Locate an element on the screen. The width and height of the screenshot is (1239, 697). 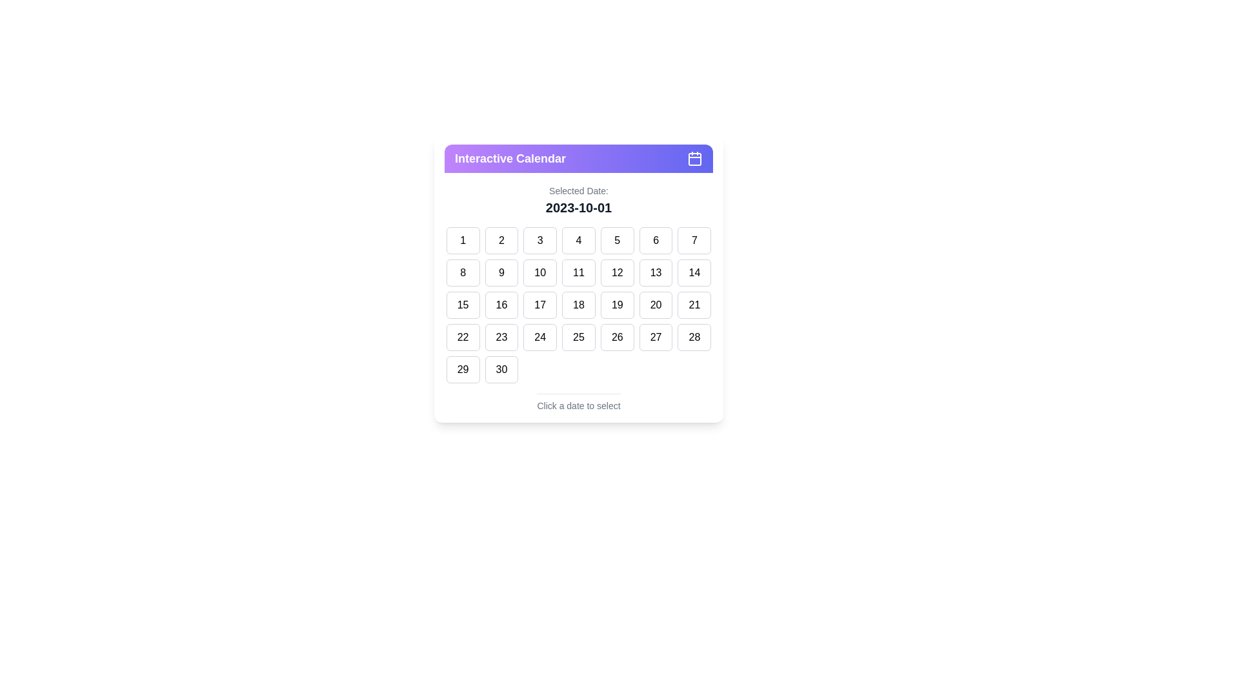
the button representing the 28th day of the month in the calendar is located at coordinates (694, 337).